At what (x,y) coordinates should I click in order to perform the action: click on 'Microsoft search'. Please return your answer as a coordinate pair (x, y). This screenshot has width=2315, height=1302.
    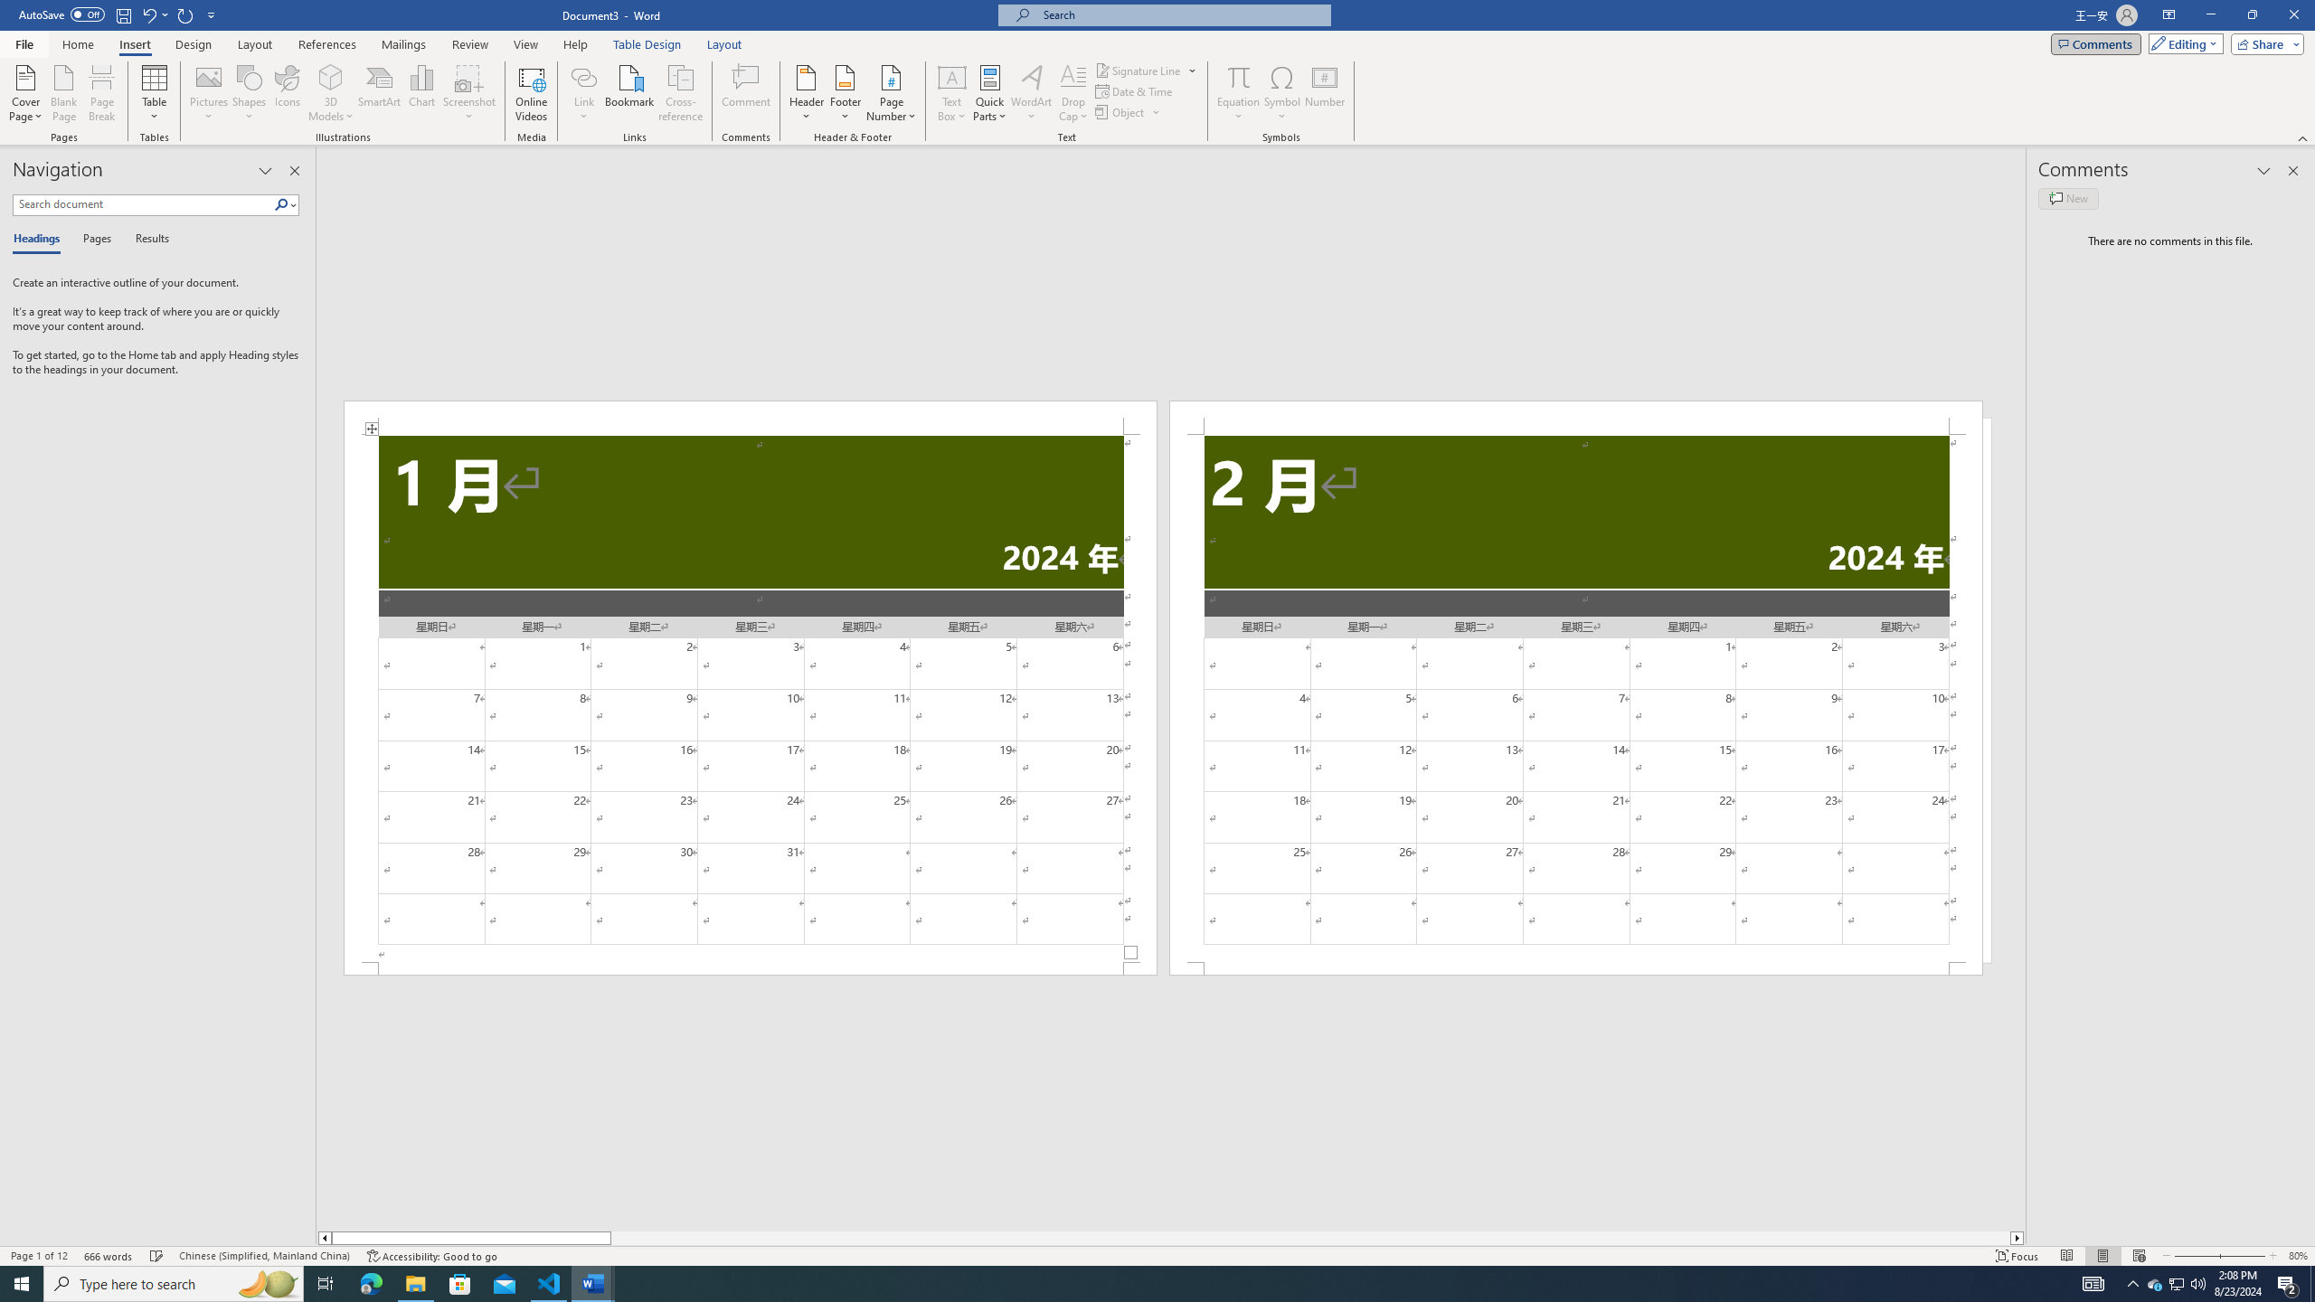
    Looking at the image, I should click on (1179, 14).